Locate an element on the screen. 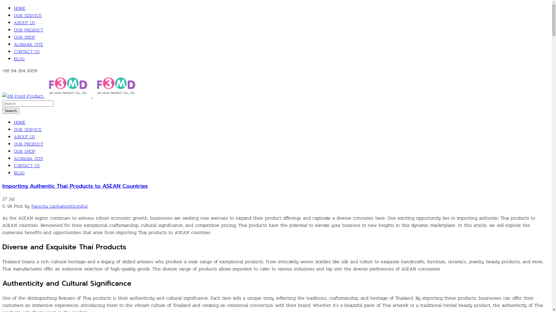  '3M Food Product' is located at coordinates (116, 86).